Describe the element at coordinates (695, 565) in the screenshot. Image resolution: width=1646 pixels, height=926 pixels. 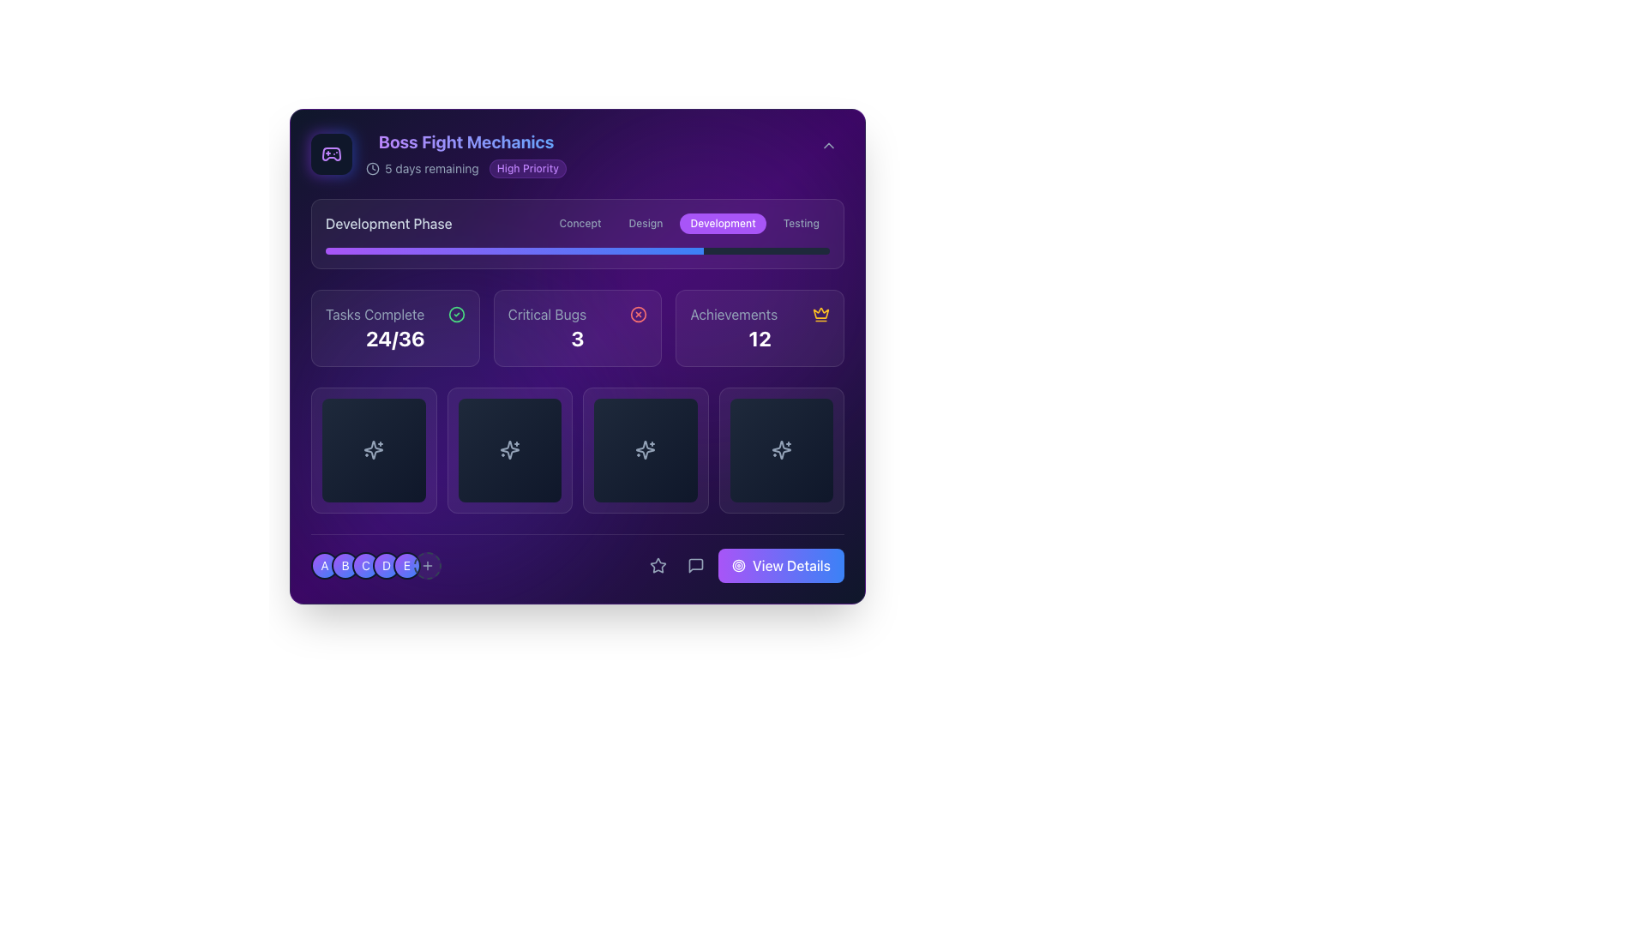
I see `the small, square-shaped speech bubble icon` at that location.